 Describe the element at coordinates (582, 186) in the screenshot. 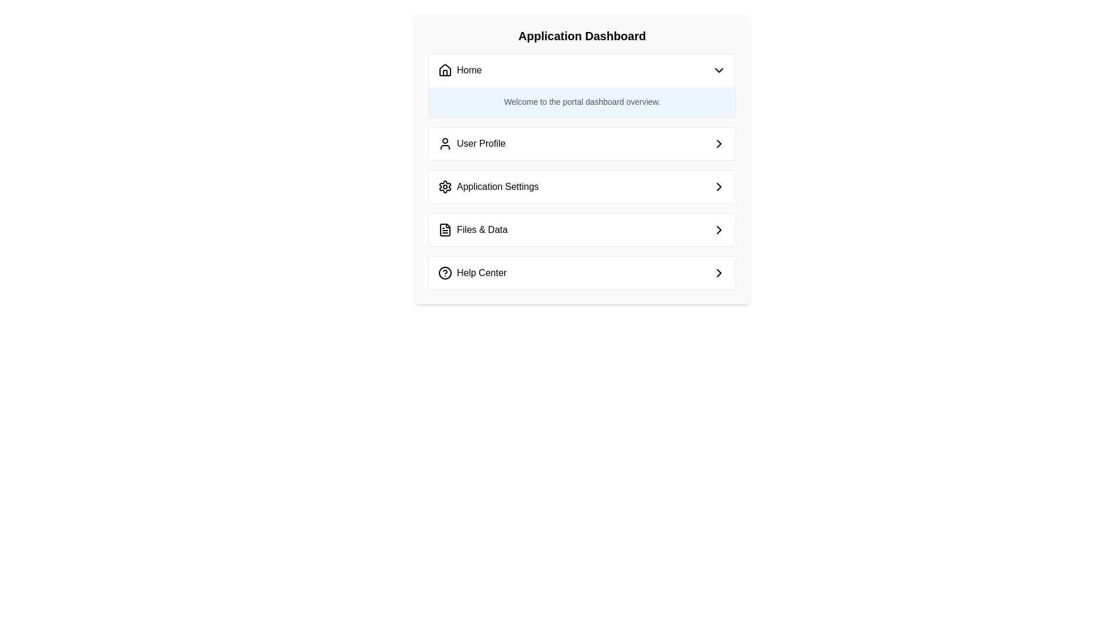

I see `the navigational button for managing application-related settings, located as the third option under 'Application Dashboard', between 'User Profile' and 'Files & Data'` at that location.